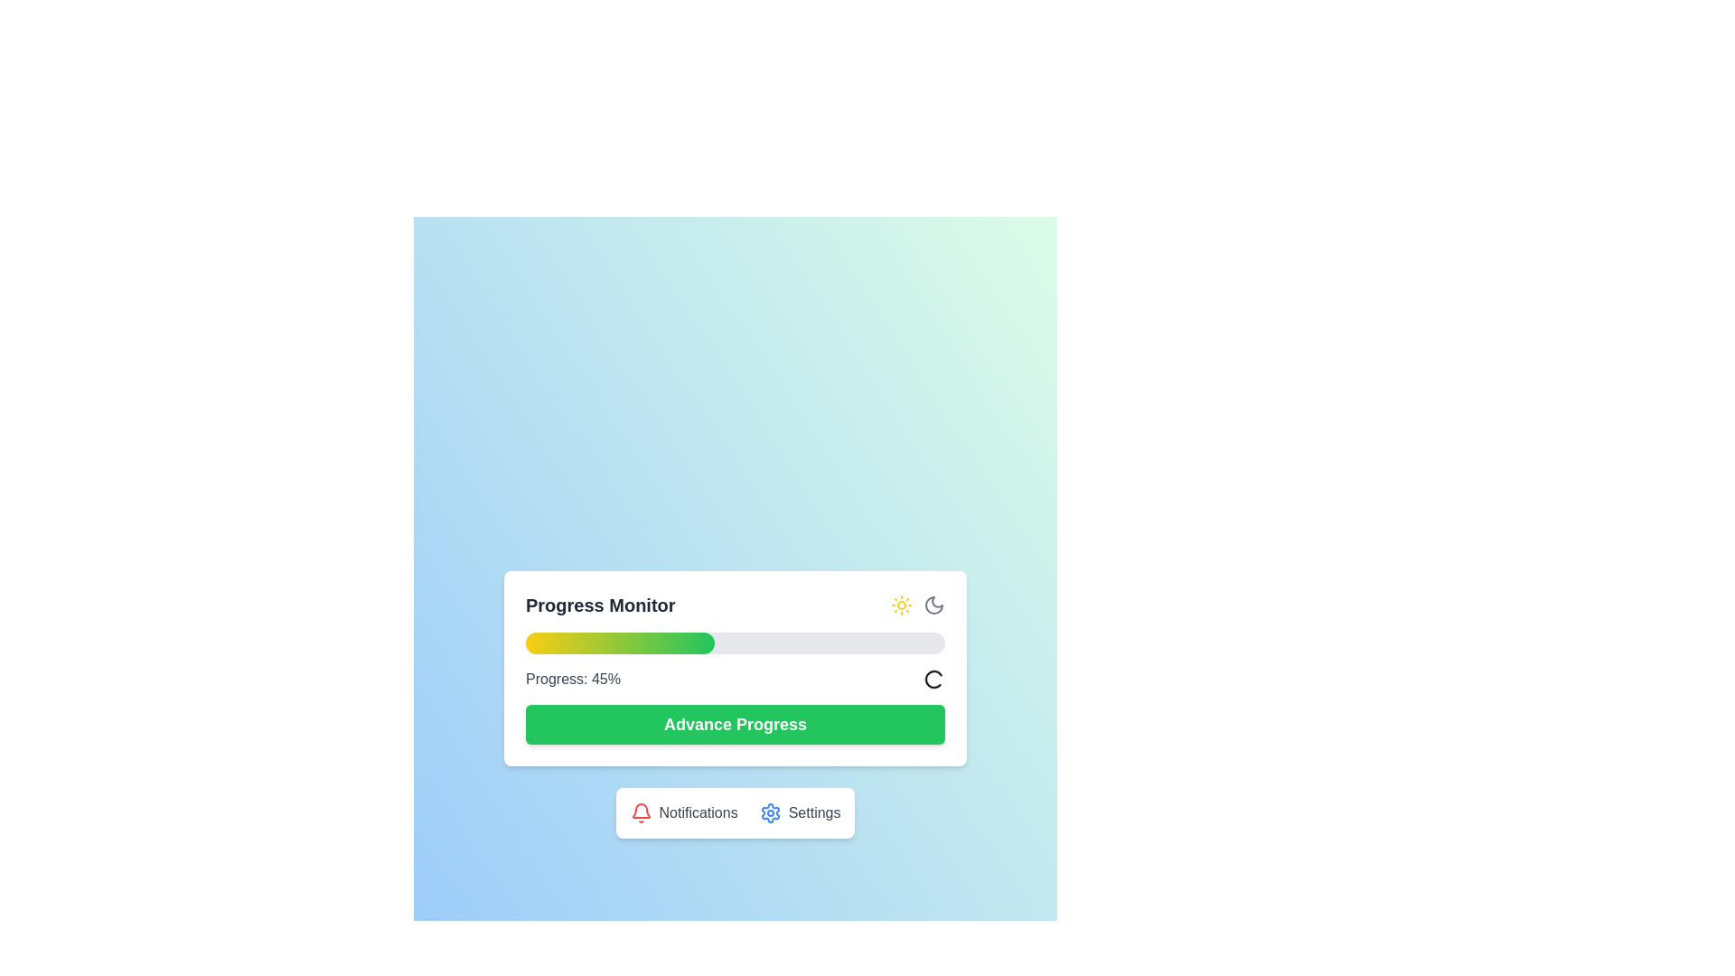  What do you see at coordinates (736, 643) in the screenshot?
I see `the progress bar located within the 'Progress Monitor' card, which visually represents progress as a percentage` at bounding box center [736, 643].